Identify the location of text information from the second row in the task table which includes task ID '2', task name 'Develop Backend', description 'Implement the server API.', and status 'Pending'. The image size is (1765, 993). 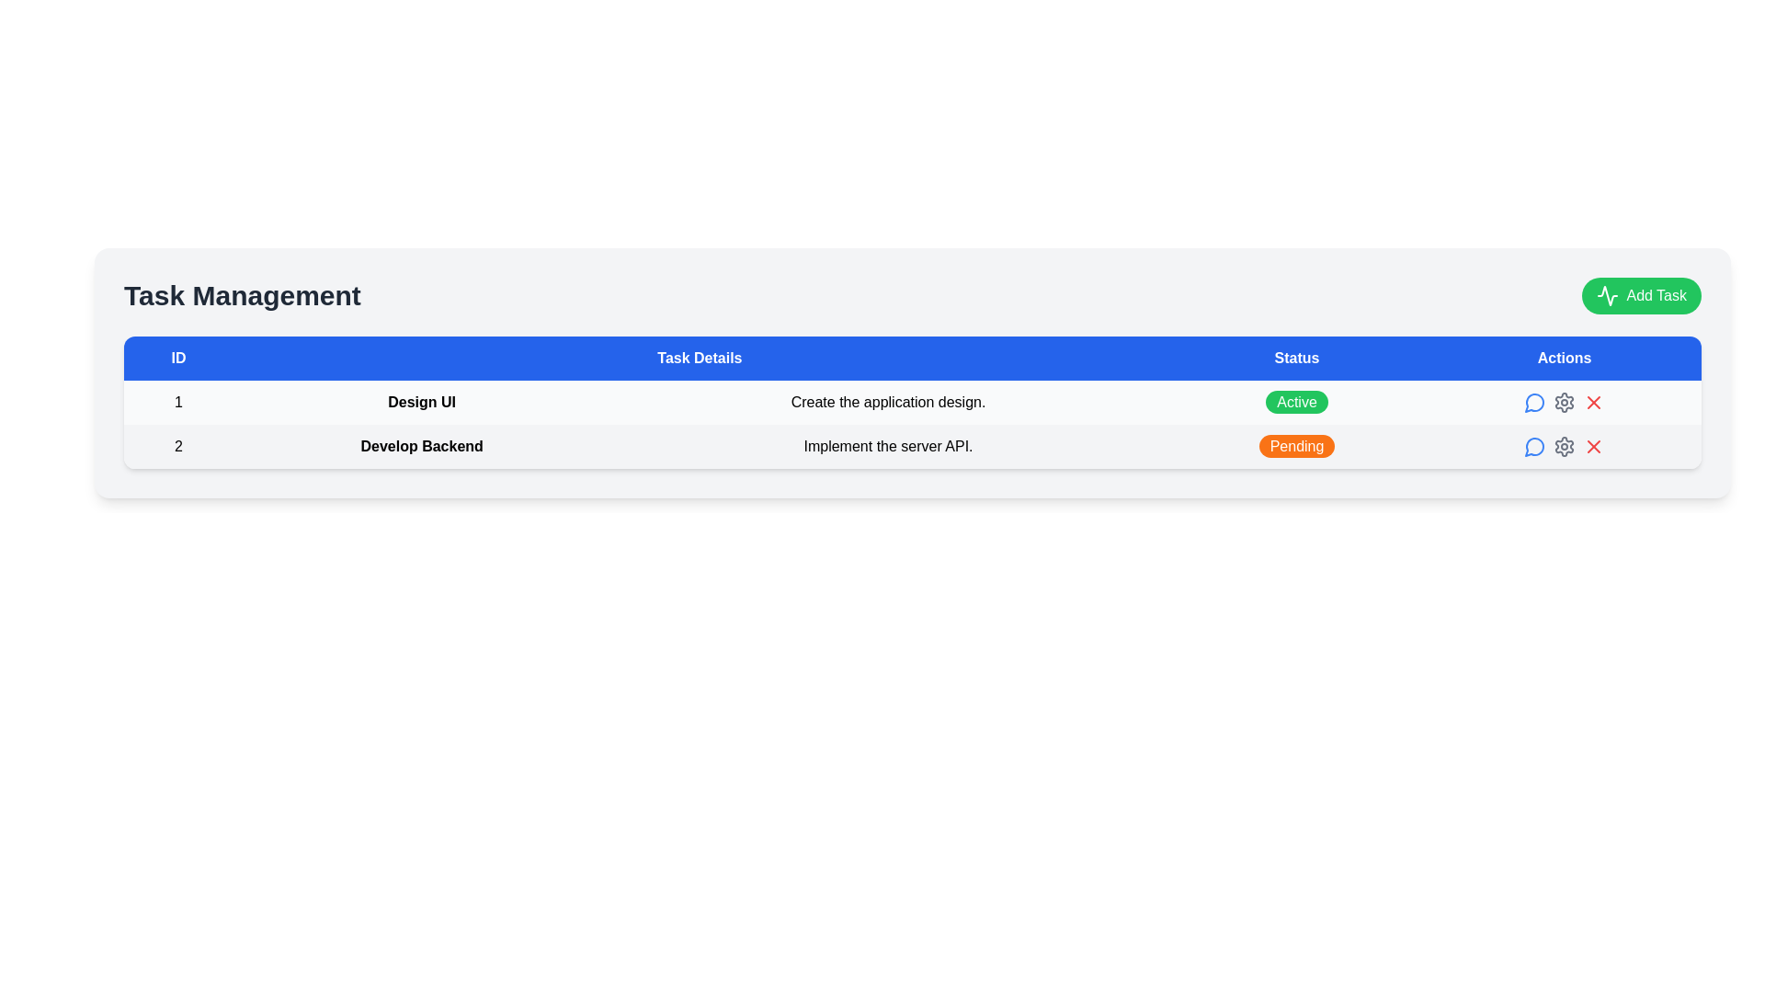
(913, 447).